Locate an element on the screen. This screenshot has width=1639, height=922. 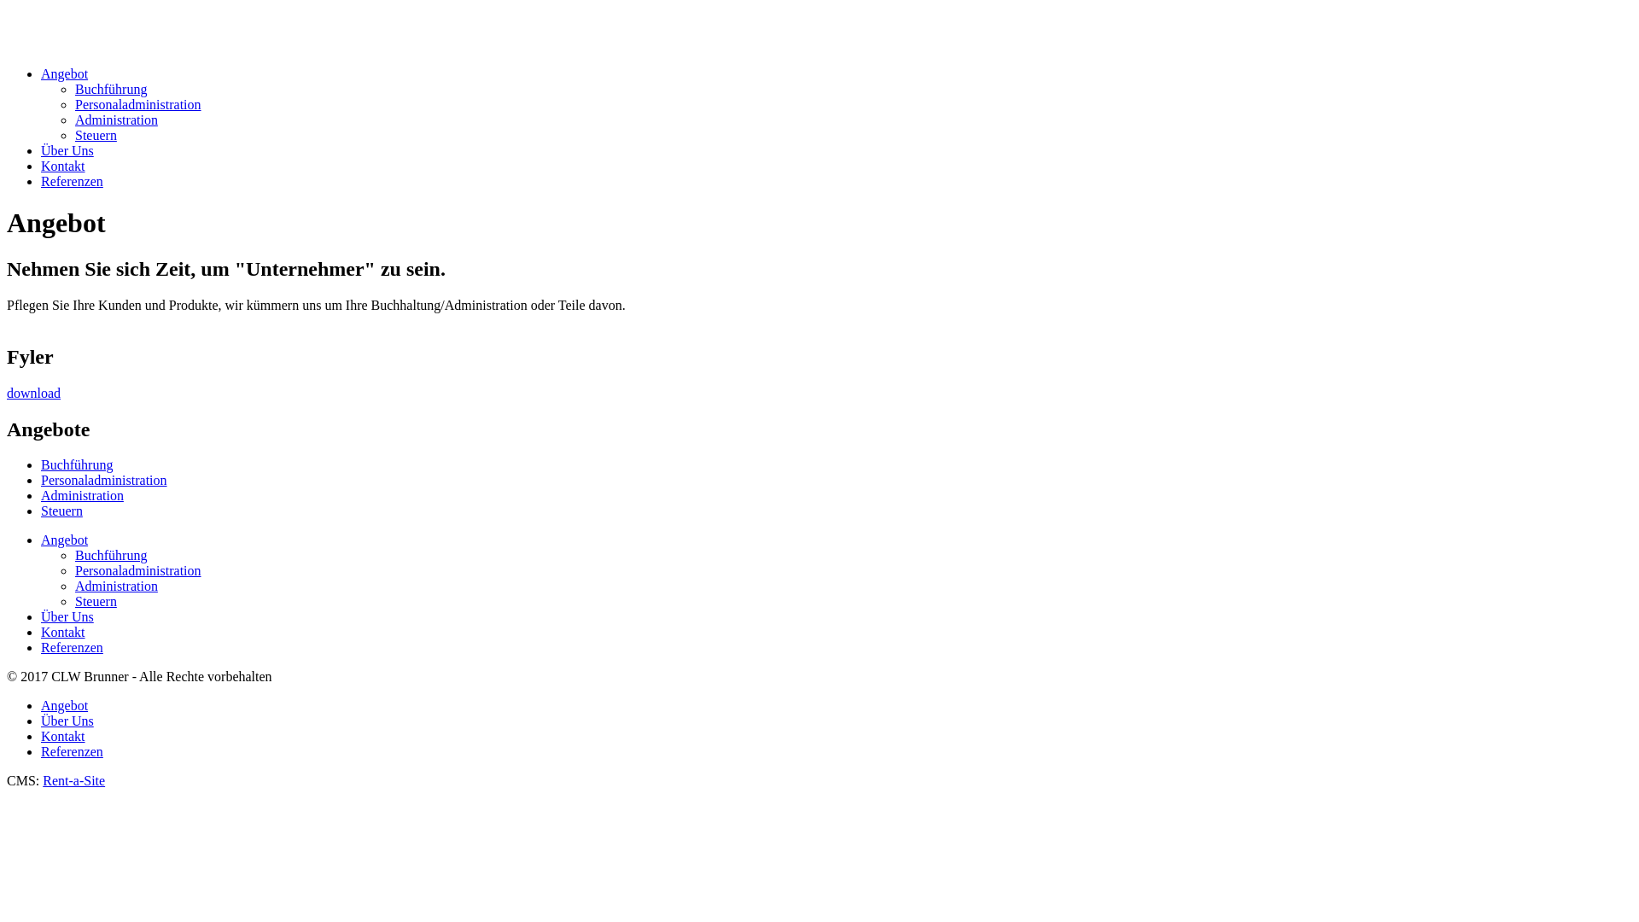
'Steuern' is located at coordinates (95, 600).